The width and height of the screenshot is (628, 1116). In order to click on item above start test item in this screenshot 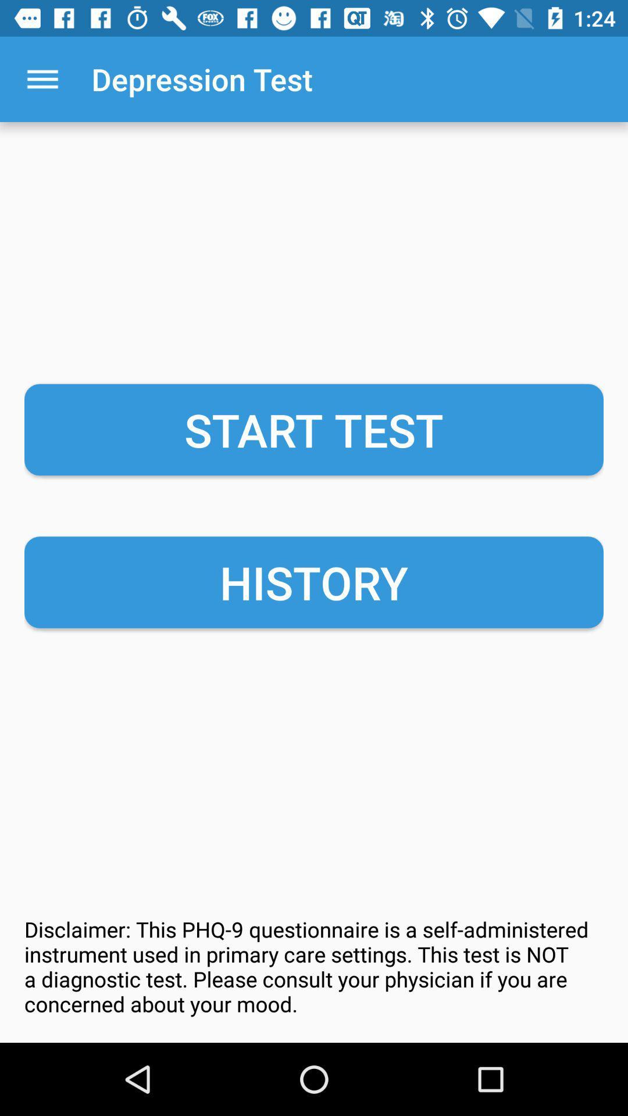, I will do `click(42, 78)`.